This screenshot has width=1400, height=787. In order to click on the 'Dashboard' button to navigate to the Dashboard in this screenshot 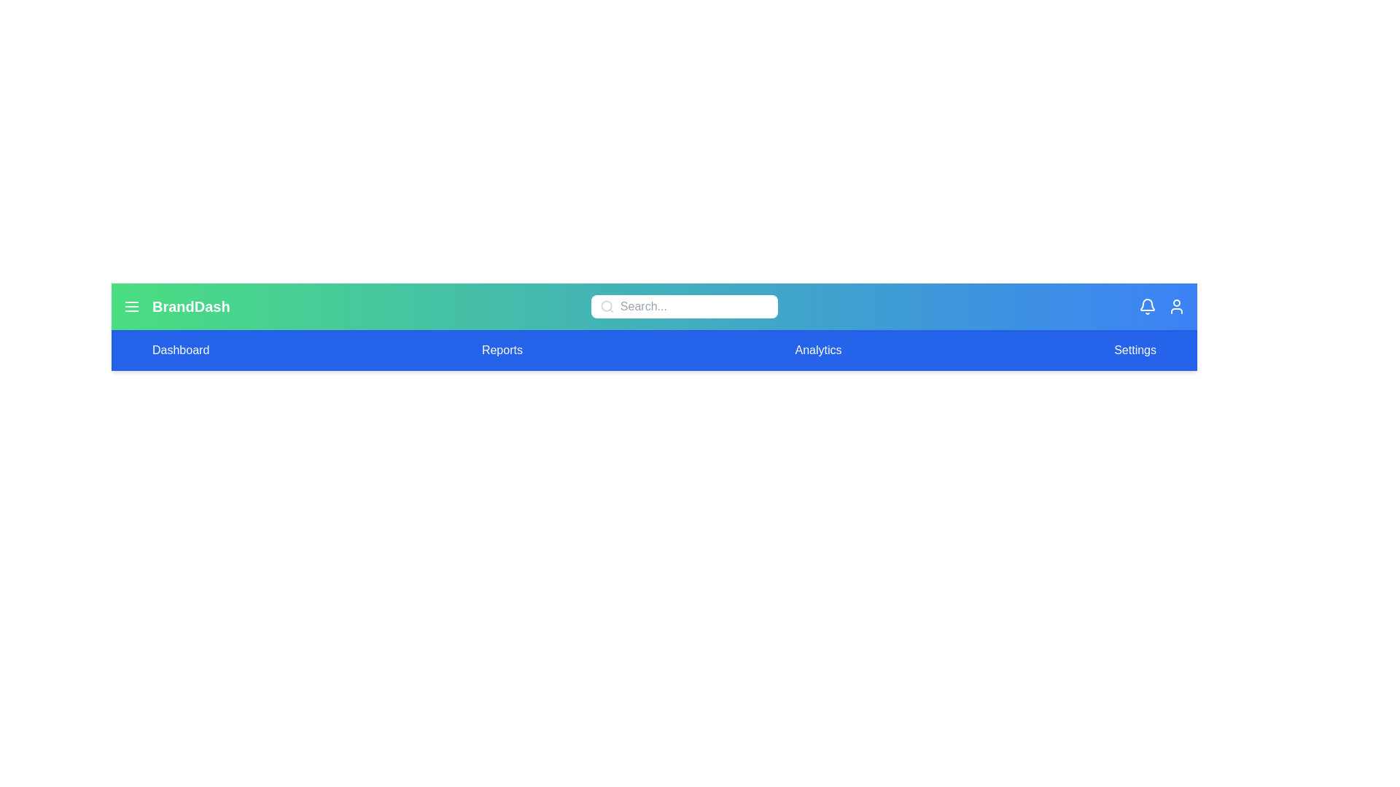, I will do `click(180, 351)`.